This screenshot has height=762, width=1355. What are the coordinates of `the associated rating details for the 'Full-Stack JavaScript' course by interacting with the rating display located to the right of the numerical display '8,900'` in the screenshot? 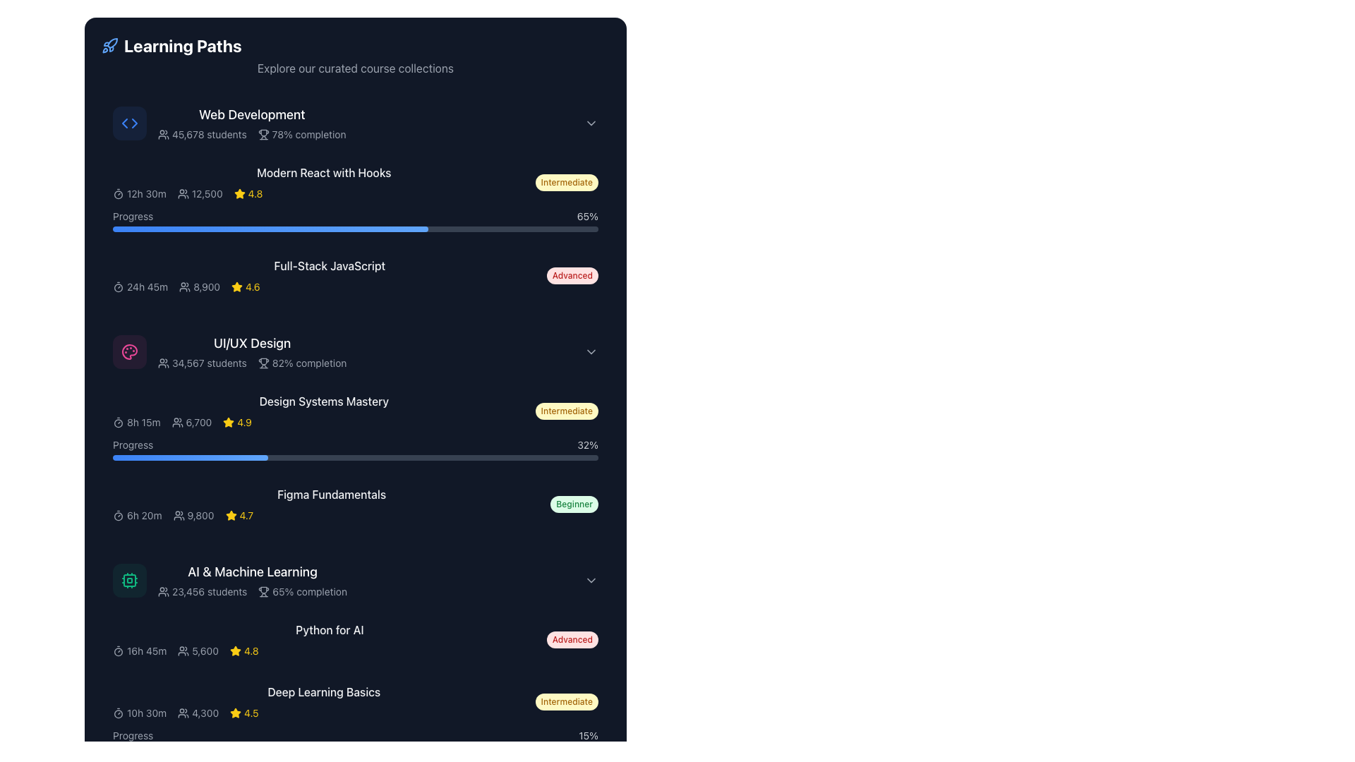 It's located at (246, 286).